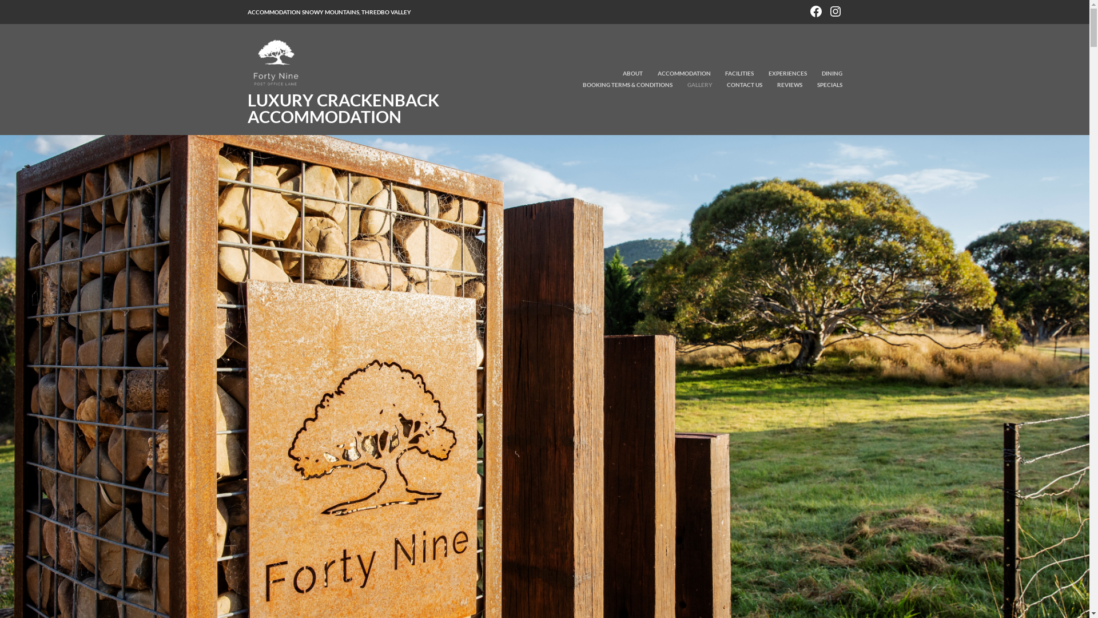 This screenshot has height=618, width=1098. I want to click on 'ACCOMMODATION', so click(644, 73).